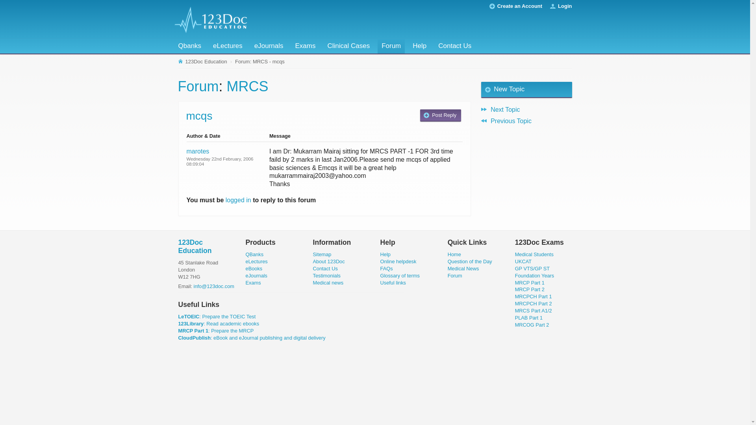 The width and height of the screenshot is (756, 425). What do you see at coordinates (177, 331) in the screenshot?
I see `'MRCP Part 1: Prepare the MRCP'` at bounding box center [177, 331].